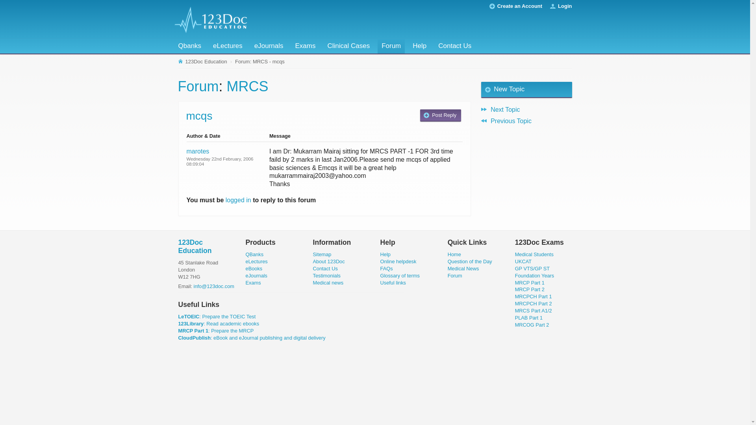 The width and height of the screenshot is (756, 425). What do you see at coordinates (177, 331) in the screenshot?
I see `'MRCP Part 1: Prepare the MRCP'` at bounding box center [177, 331].